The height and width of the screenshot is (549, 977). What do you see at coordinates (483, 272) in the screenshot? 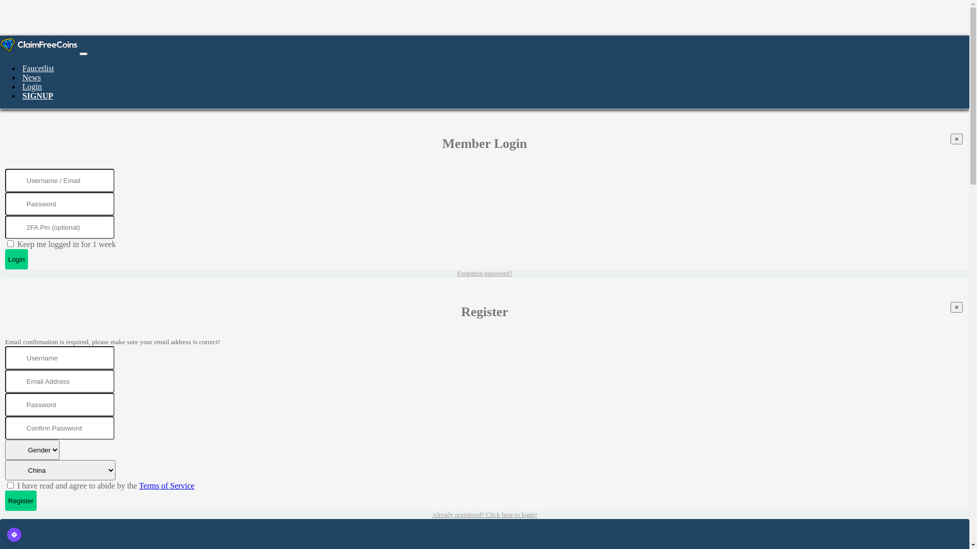
I see `'Forgotten password?'` at bounding box center [483, 272].